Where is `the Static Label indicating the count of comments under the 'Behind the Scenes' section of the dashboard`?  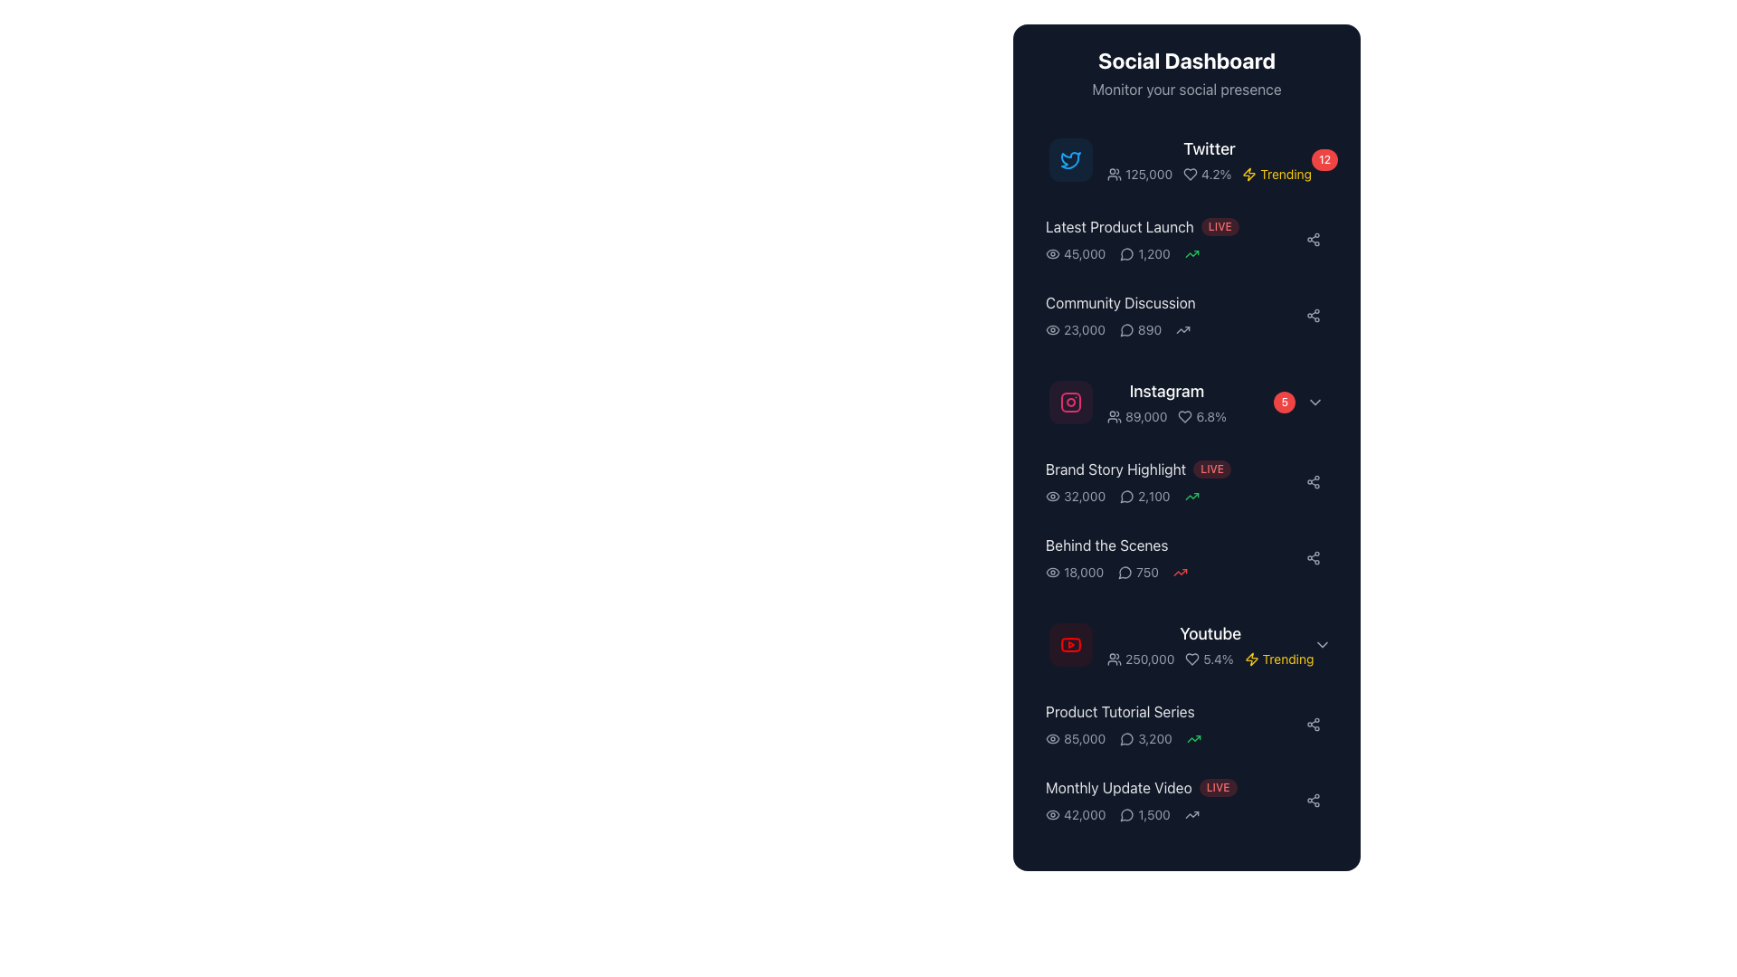
the Static Label indicating the count of comments under the 'Behind the Scenes' section of the dashboard is located at coordinates (1137, 572).